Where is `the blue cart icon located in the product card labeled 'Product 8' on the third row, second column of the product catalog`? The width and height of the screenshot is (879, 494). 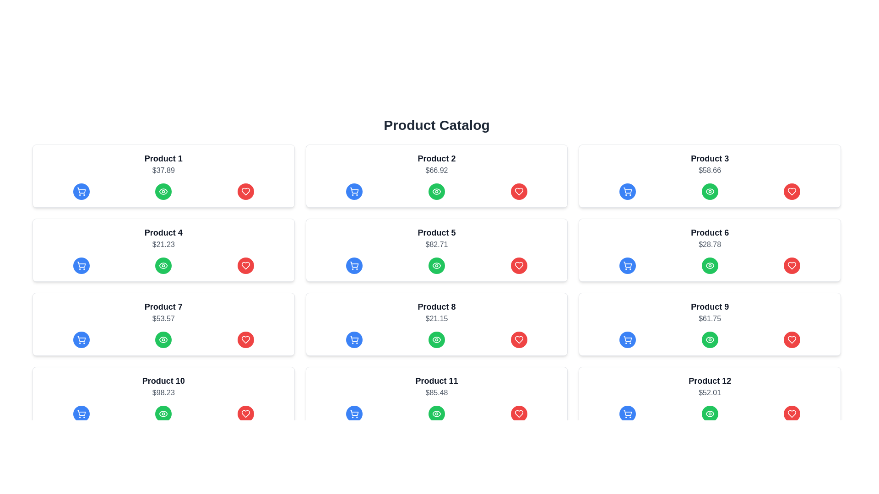
the blue cart icon located in the product card labeled 'Product 8' on the third row, second column of the product catalog is located at coordinates (354, 338).